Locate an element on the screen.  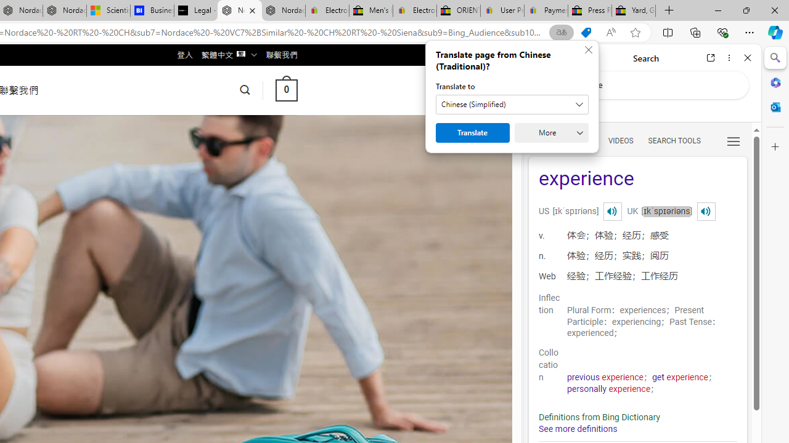
'User Privacy Notice | eBay' is located at coordinates (502, 10).